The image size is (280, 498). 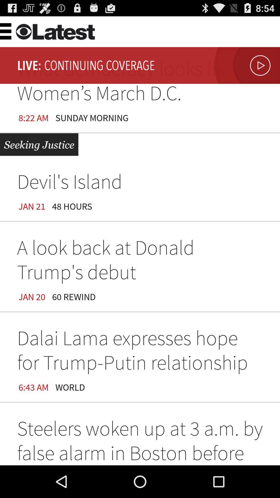 I want to click on the arrow_forward icon, so click(x=246, y=70).